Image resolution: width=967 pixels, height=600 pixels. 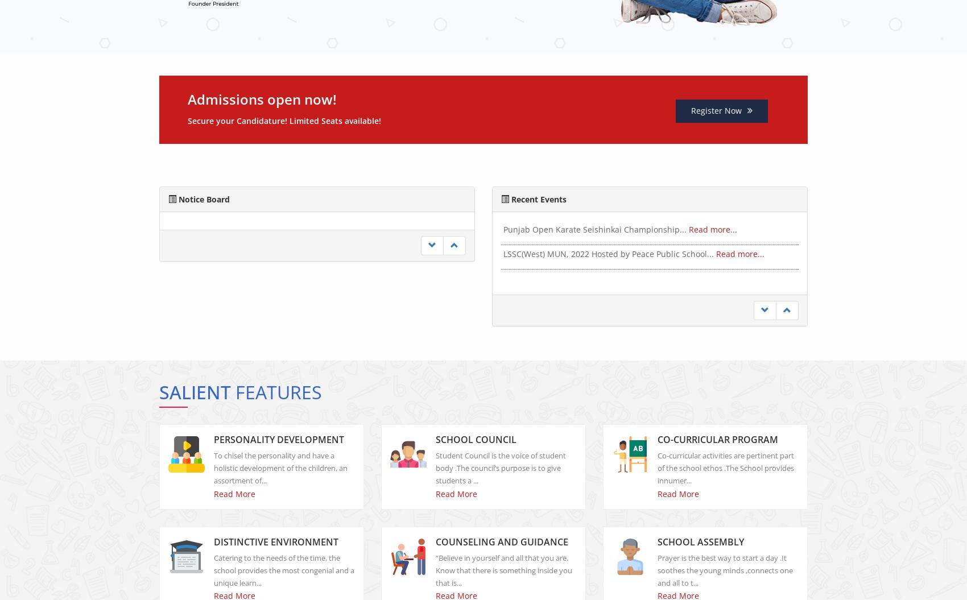 What do you see at coordinates (540, 253) in the screenshot?
I see `'Fruit Chaat Party!...'` at bounding box center [540, 253].